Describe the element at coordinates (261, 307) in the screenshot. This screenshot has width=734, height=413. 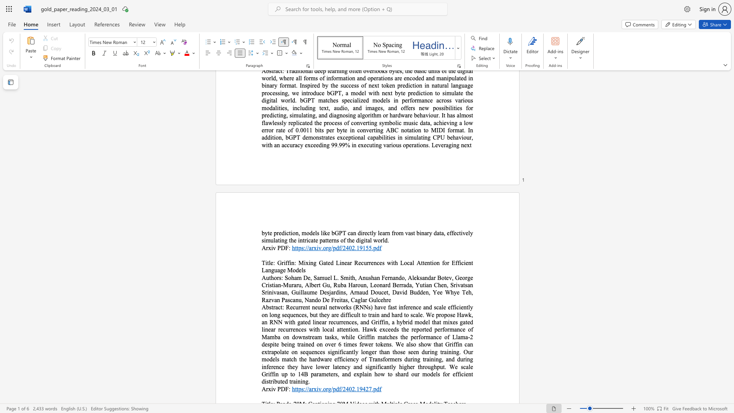
I see `the subset text "Ab" within the text "Abstract:"` at that location.